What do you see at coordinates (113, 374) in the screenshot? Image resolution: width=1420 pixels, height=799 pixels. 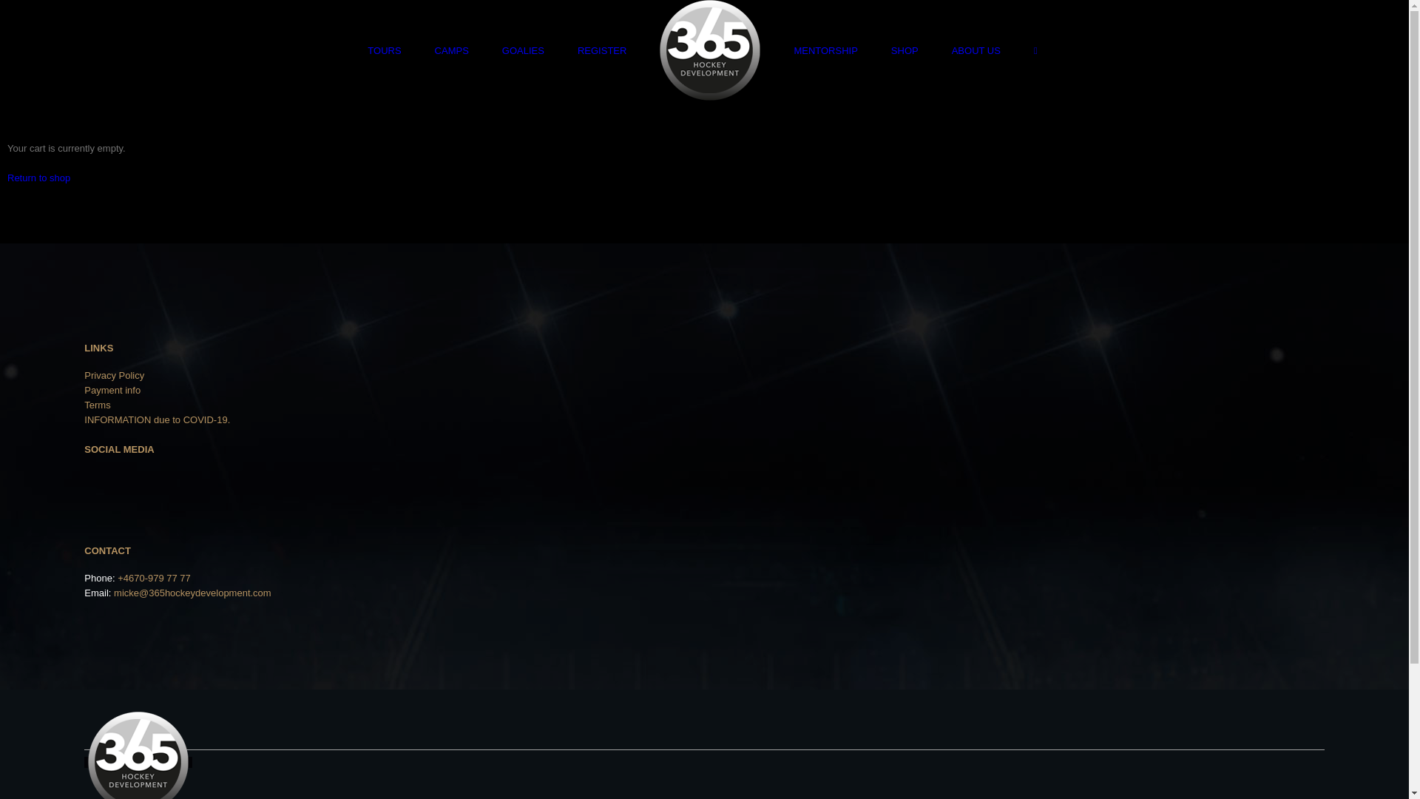 I see `'Privacy Policy'` at bounding box center [113, 374].